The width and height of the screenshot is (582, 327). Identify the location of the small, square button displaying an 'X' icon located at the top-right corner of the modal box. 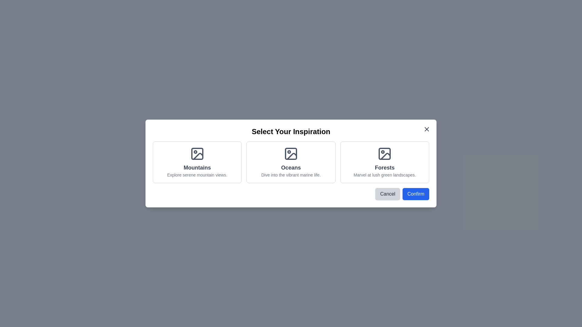
(426, 129).